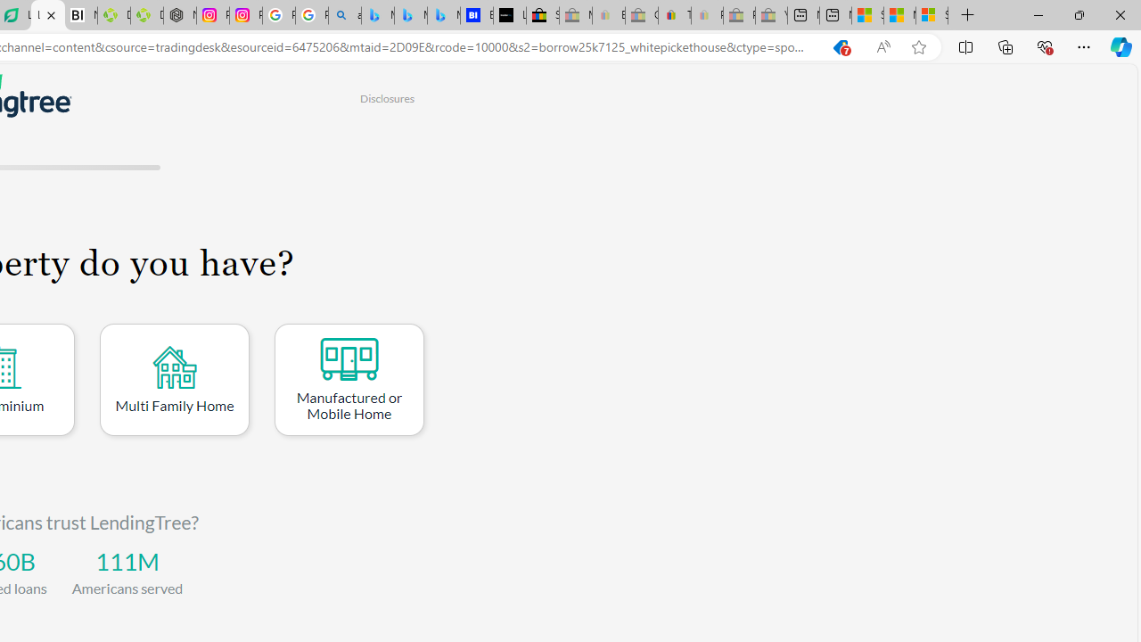 The height and width of the screenshot is (642, 1141). What do you see at coordinates (344, 15) in the screenshot?
I see `'alabama high school quarterback dies - Search'` at bounding box center [344, 15].